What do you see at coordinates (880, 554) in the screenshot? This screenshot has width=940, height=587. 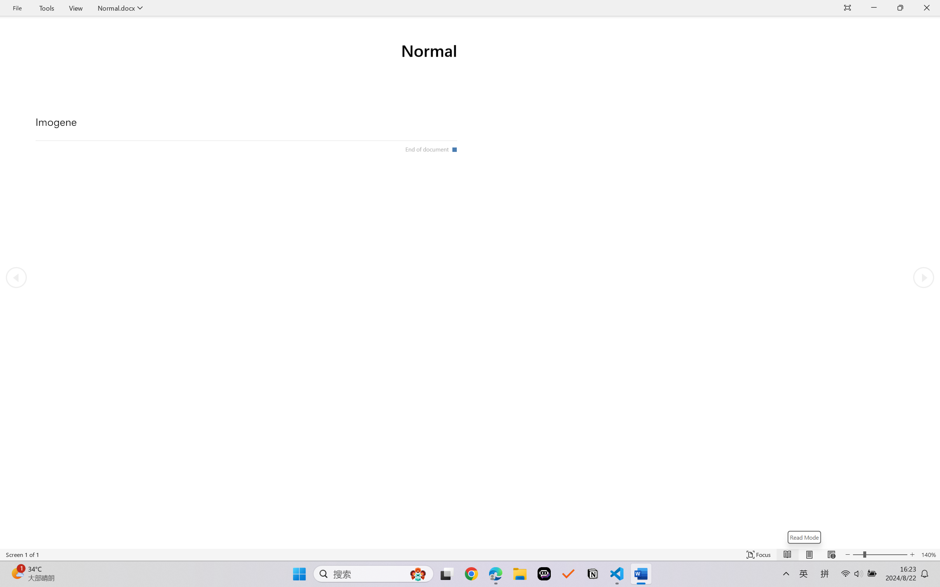 I see `'Text Size'` at bounding box center [880, 554].